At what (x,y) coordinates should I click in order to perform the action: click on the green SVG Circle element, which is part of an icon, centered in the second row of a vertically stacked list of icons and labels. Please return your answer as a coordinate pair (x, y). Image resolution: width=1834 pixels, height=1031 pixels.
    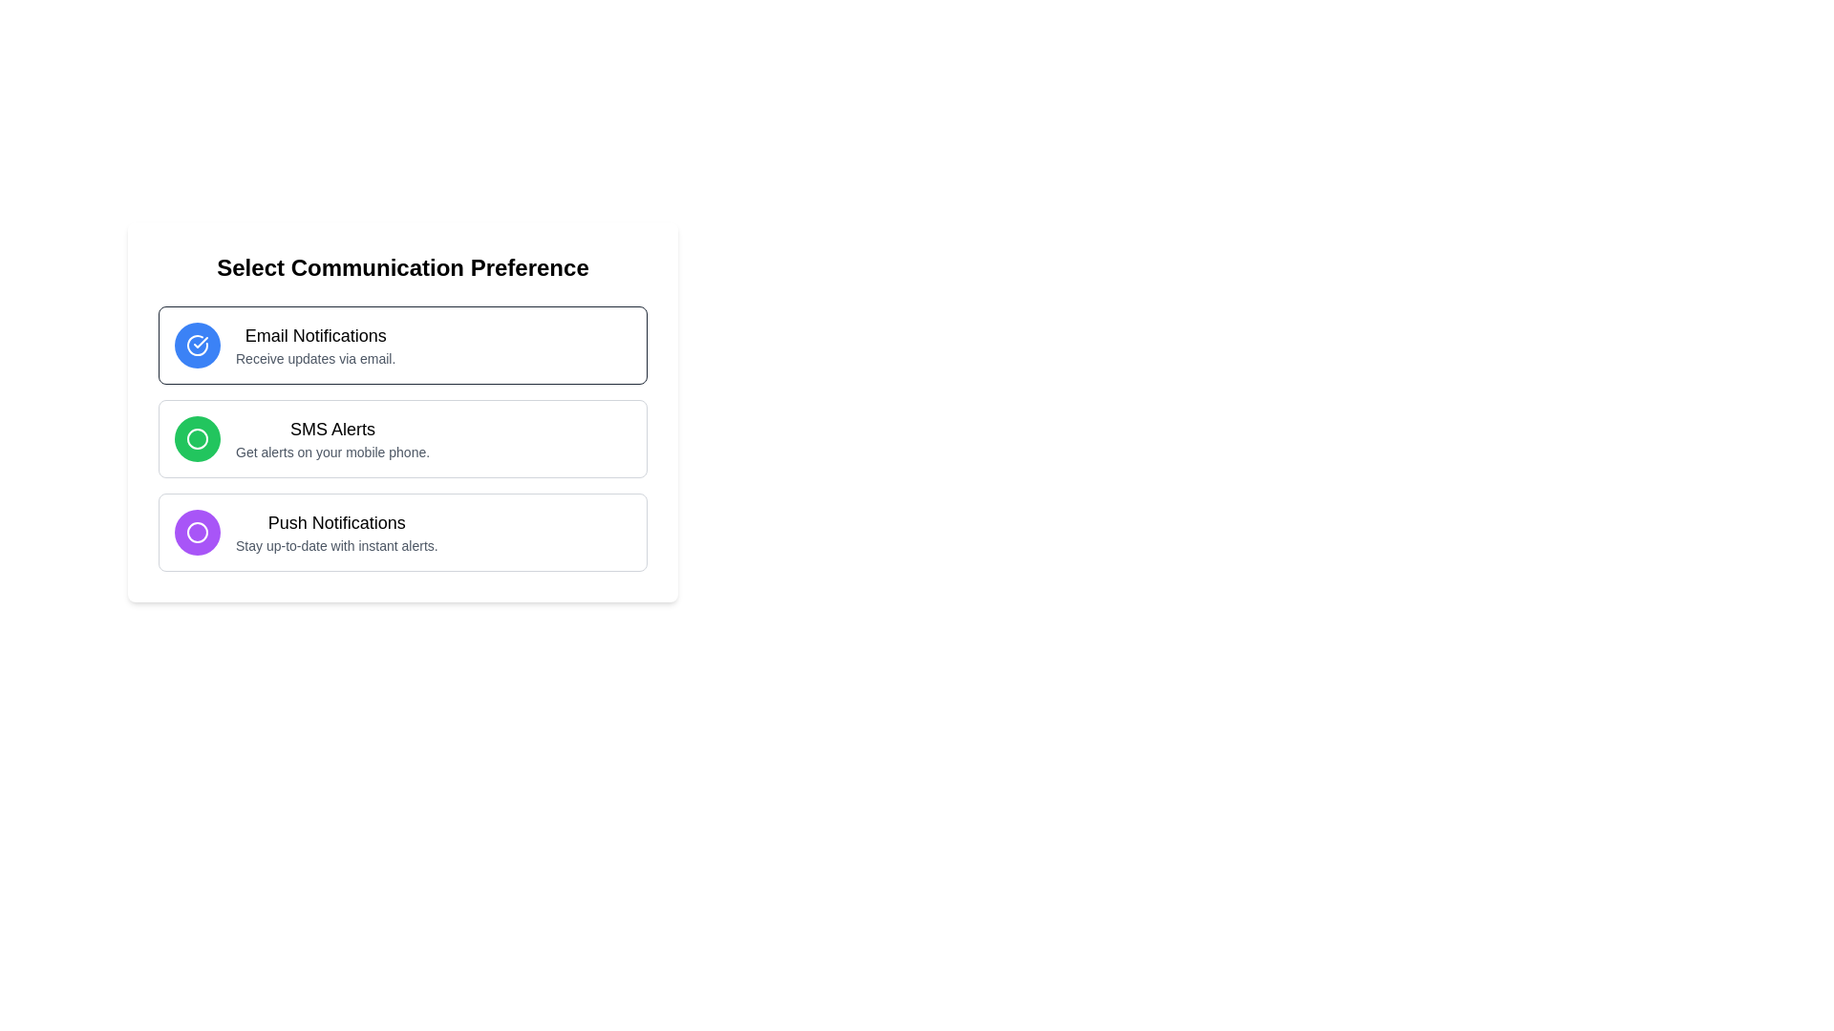
    Looking at the image, I should click on (197, 438).